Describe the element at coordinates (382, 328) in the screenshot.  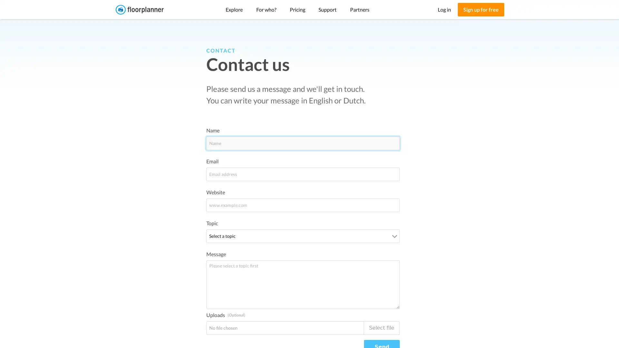
I see `Select file` at that location.